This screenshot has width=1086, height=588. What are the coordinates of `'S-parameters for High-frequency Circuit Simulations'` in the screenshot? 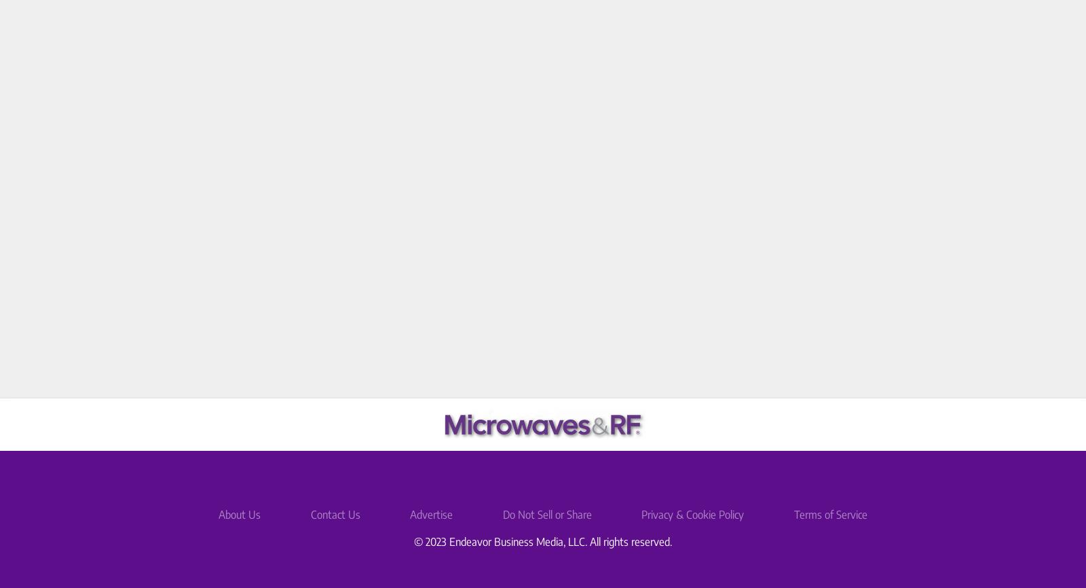 It's located at (620, 187).